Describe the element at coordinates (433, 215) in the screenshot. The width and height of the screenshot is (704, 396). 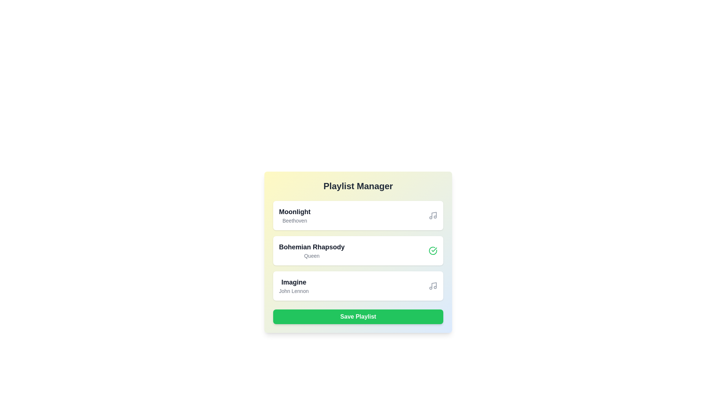
I see `the icon for the song titled Moonlight` at that location.